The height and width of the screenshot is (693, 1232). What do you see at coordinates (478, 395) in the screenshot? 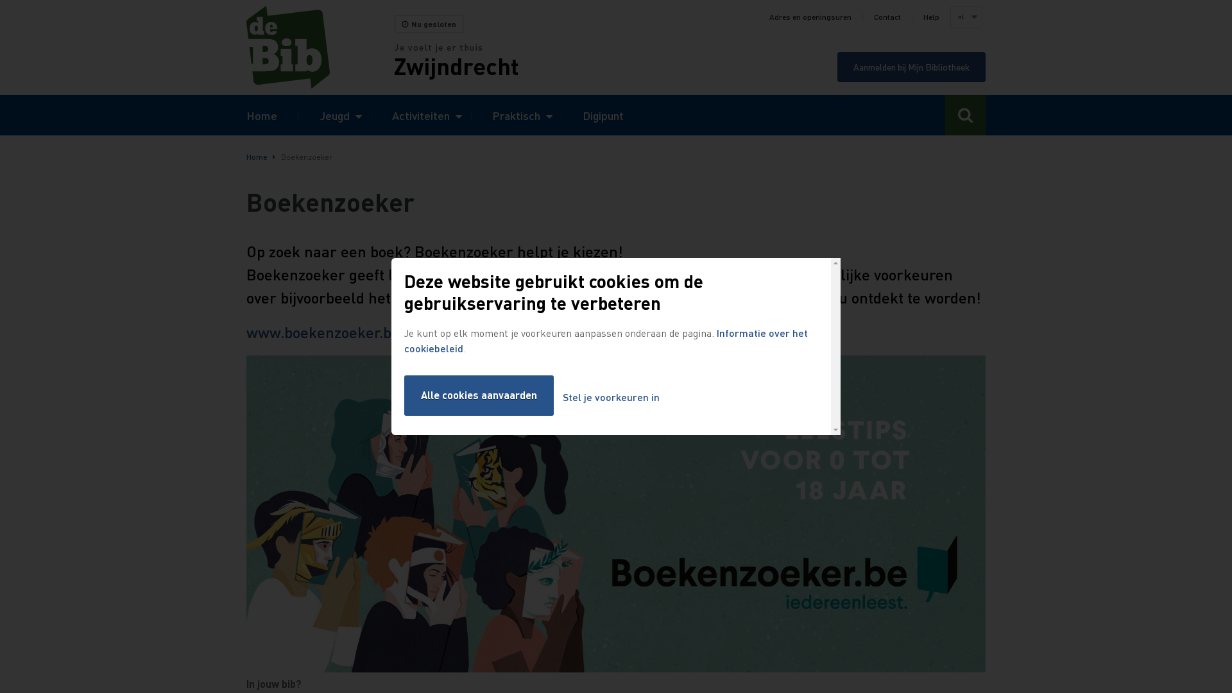
I see `'Alle cookies aanvaarden'` at bounding box center [478, 395].